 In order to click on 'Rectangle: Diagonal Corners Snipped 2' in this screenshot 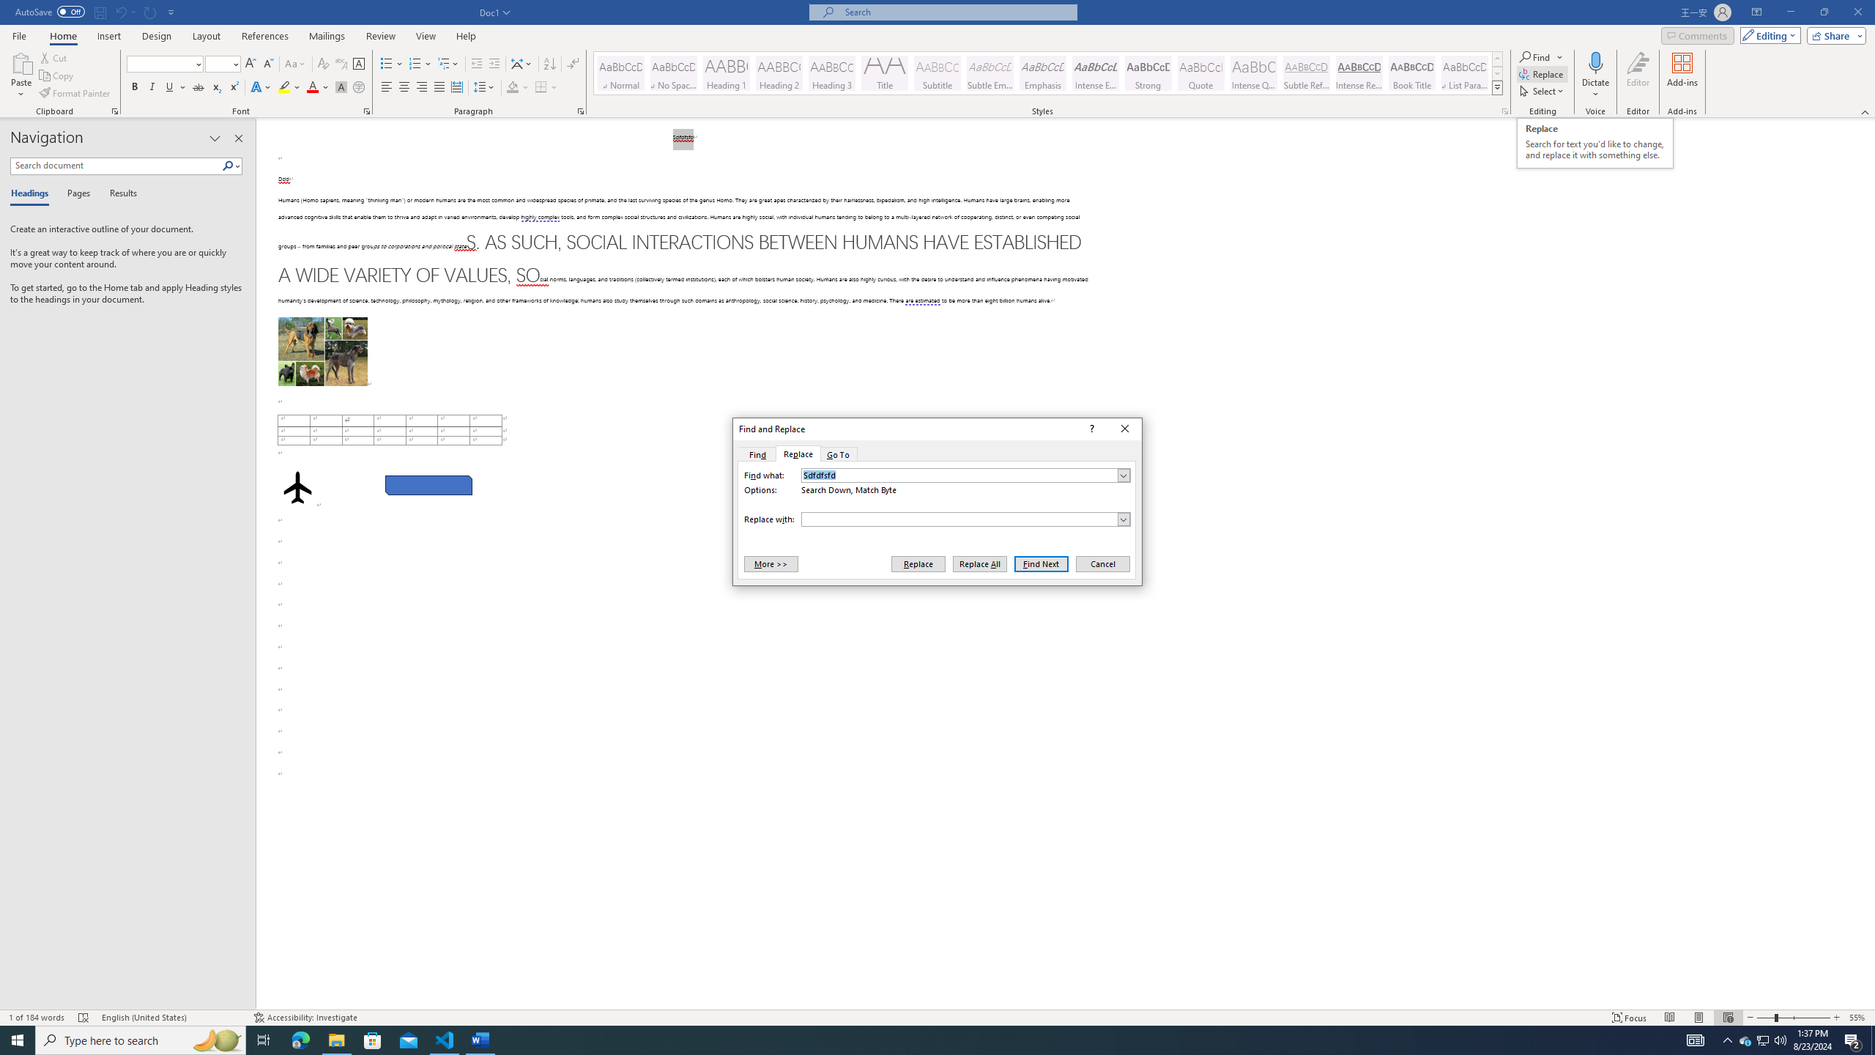, I will do `click(427, 485)`.